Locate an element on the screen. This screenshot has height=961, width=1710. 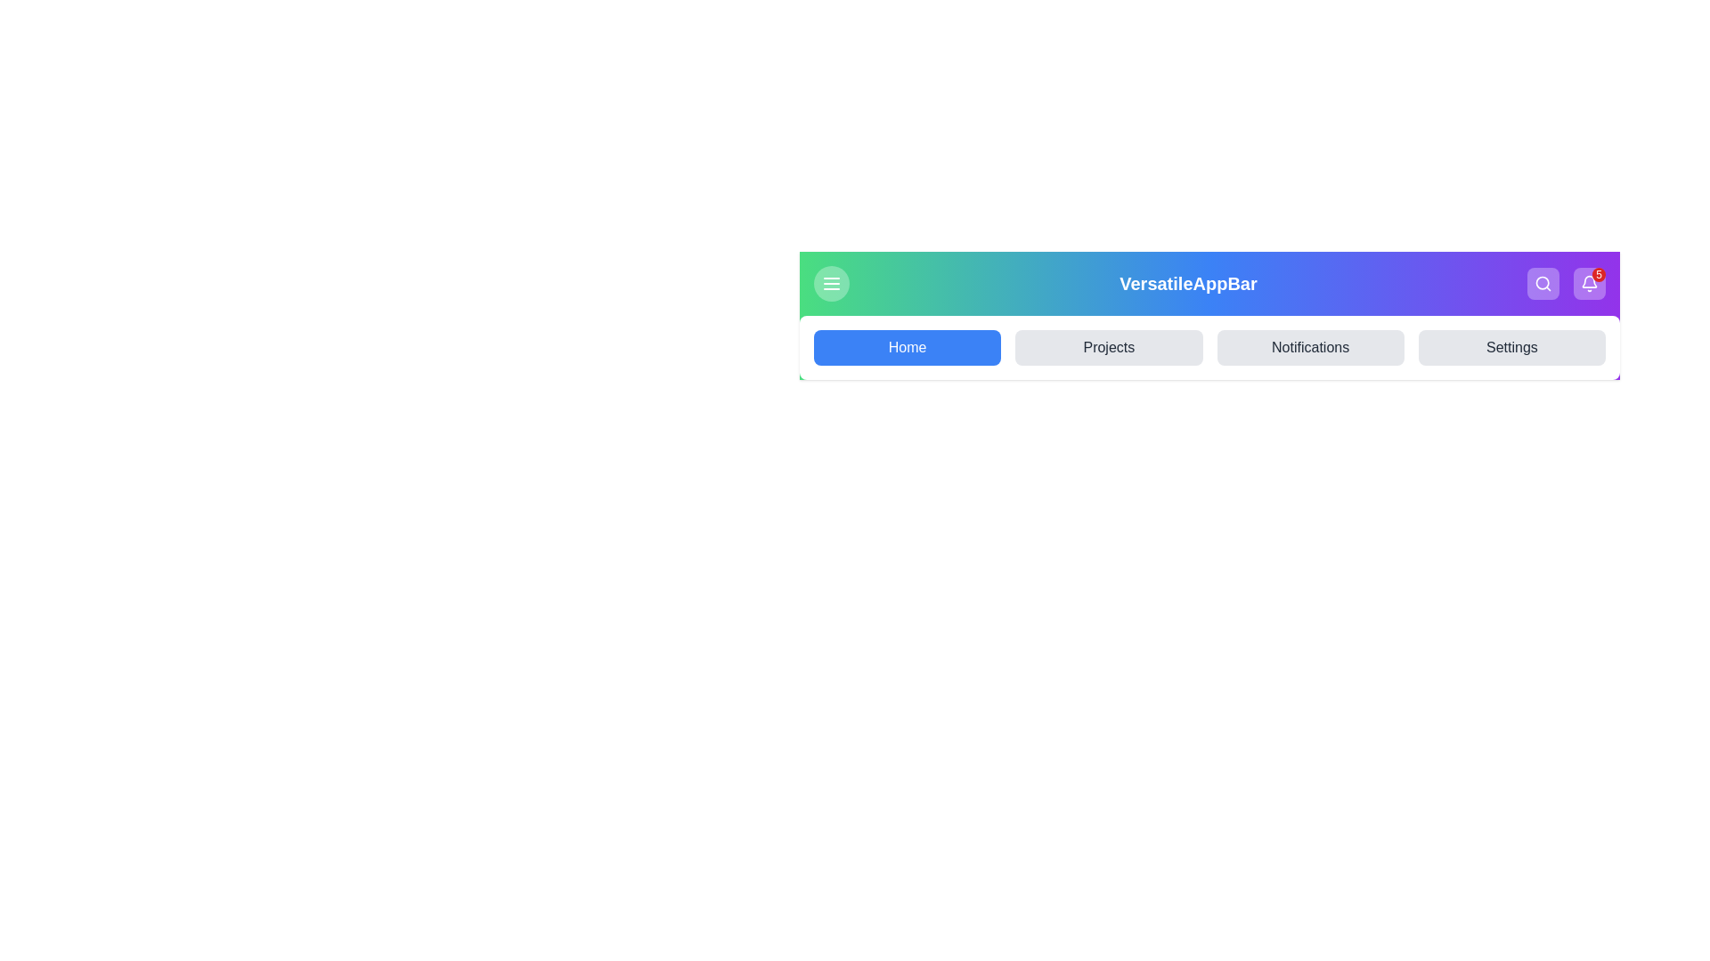
the notification bell icon to view notifications is located at coordinates (1590, 283).